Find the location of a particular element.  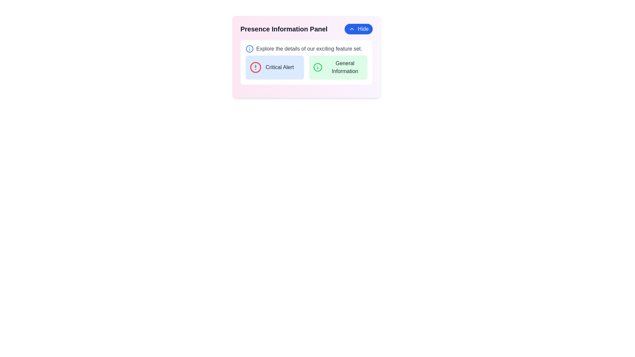

the circular node icon located to the left of the 'info' icon in the 'Presence Information Panel' is located at coordinates (249, 48).